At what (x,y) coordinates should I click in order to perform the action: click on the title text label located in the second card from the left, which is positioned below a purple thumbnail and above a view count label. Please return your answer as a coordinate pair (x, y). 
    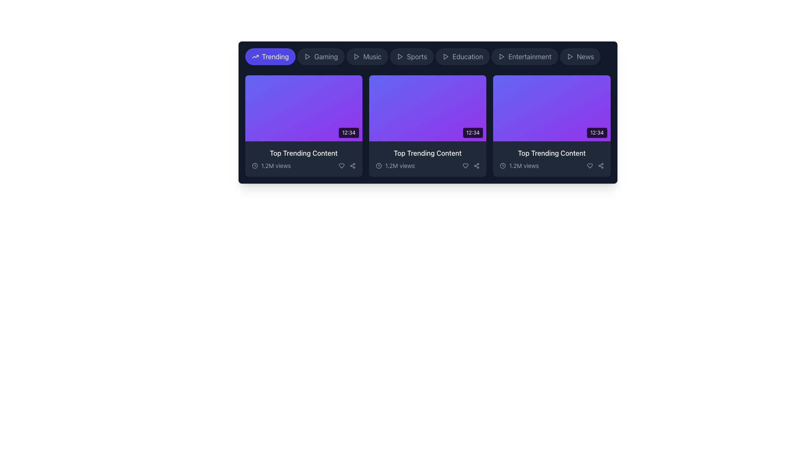
    Looking at the image, I should click on (428, 153).